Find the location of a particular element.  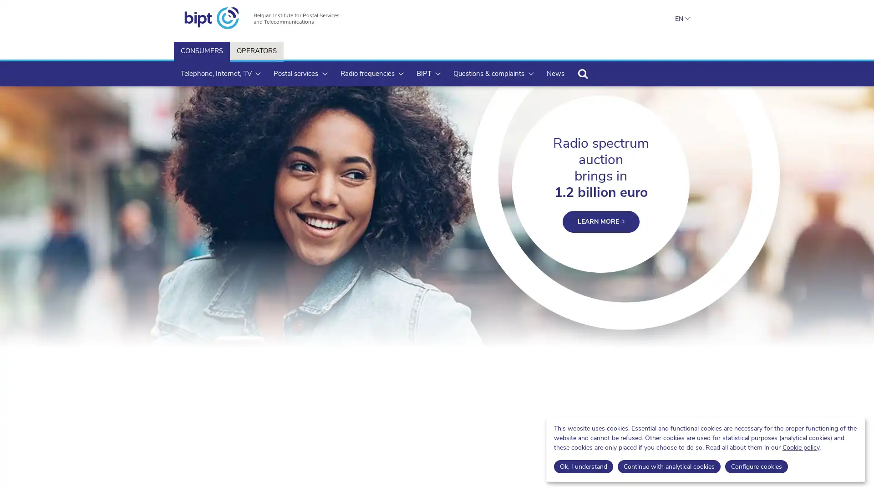

Ok, I understand is located at coordinates (583, 466).